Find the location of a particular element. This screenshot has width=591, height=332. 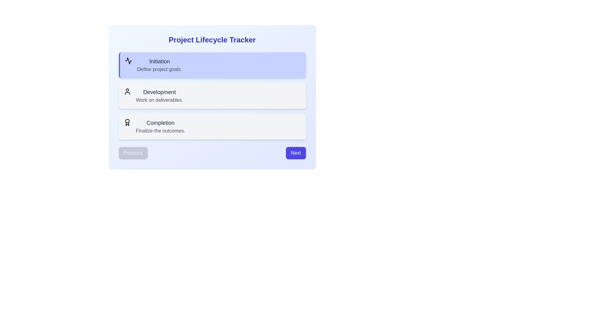

the Text component displaying 'Completion' with the description 'Finalize the outcomes', which is the last card in the vertical stack of process stages is located at coordinates (160, 126).